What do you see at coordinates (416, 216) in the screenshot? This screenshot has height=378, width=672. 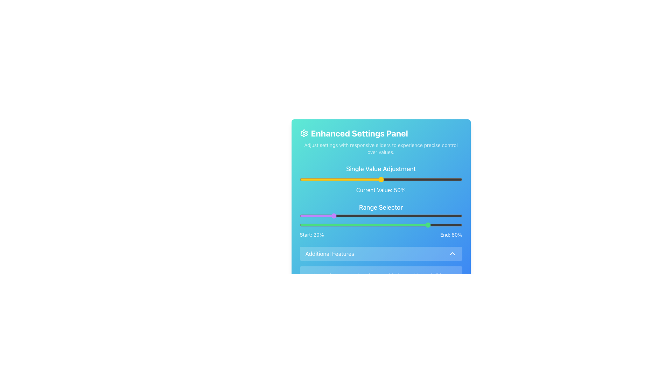 I see `the range slider` at bounding box center [416, 216].